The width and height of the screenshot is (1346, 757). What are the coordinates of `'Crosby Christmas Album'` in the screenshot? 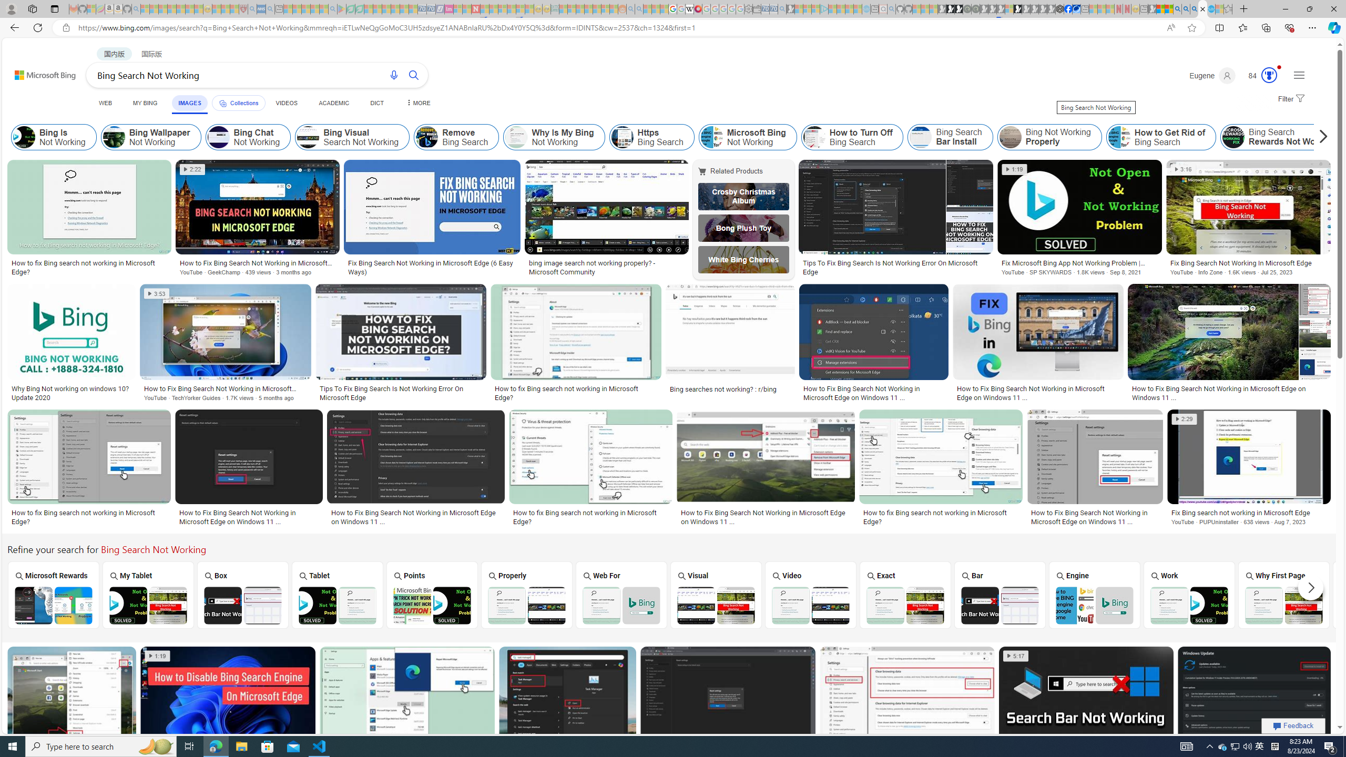 It's located at (743, 197).